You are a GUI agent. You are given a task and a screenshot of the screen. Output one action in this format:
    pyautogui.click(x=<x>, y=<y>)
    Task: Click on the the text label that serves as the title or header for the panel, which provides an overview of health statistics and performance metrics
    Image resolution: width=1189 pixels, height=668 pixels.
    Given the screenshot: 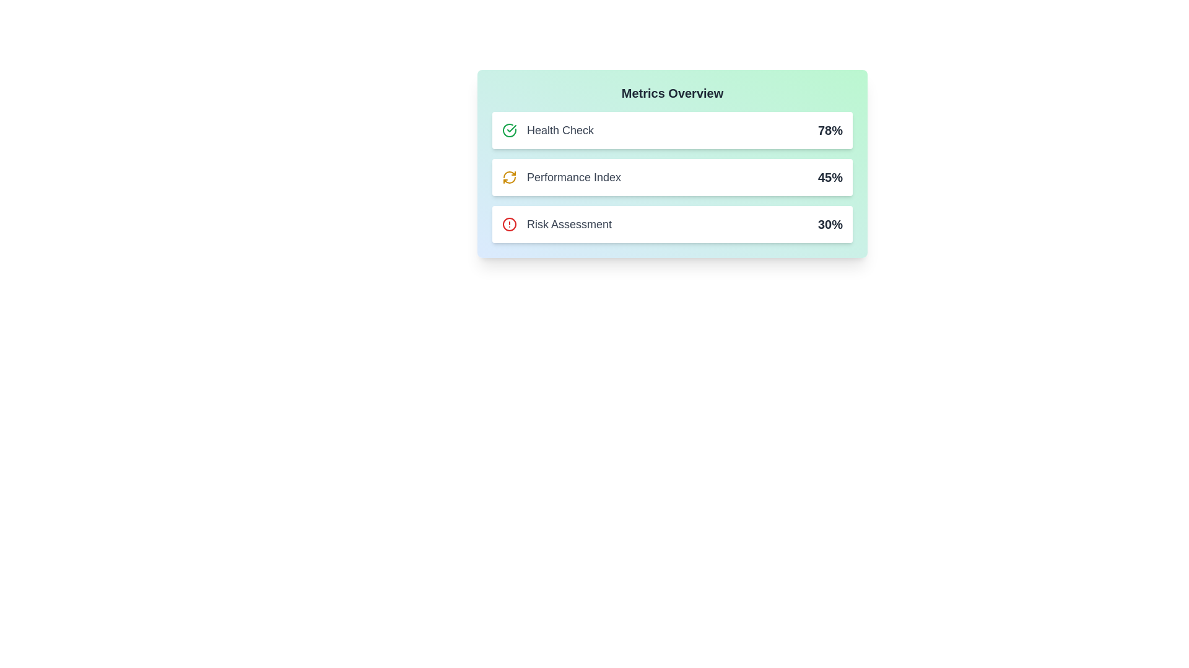 What is the action you would take?
    pyautogui.click(x=671, y=92)
    